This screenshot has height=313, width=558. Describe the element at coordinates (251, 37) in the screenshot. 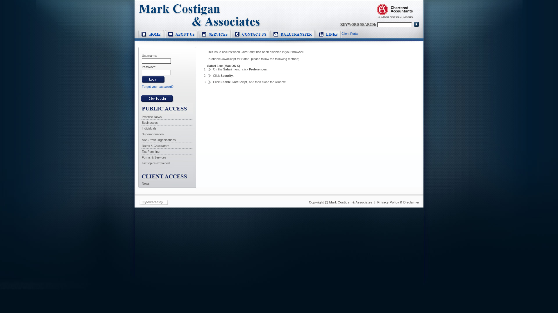

I see `'Contact Us'` at that location.